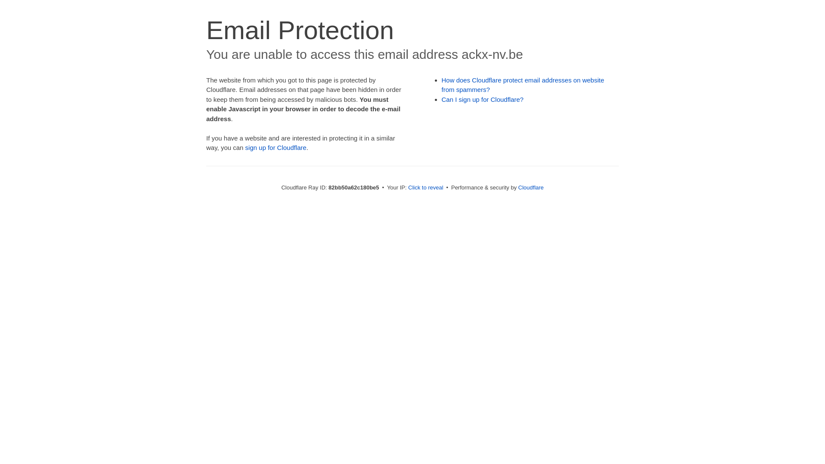  Describe the element at coordinates (483, 99) in the screenshot. I see `'Can I sign up for Cloudflare?'` at that location.